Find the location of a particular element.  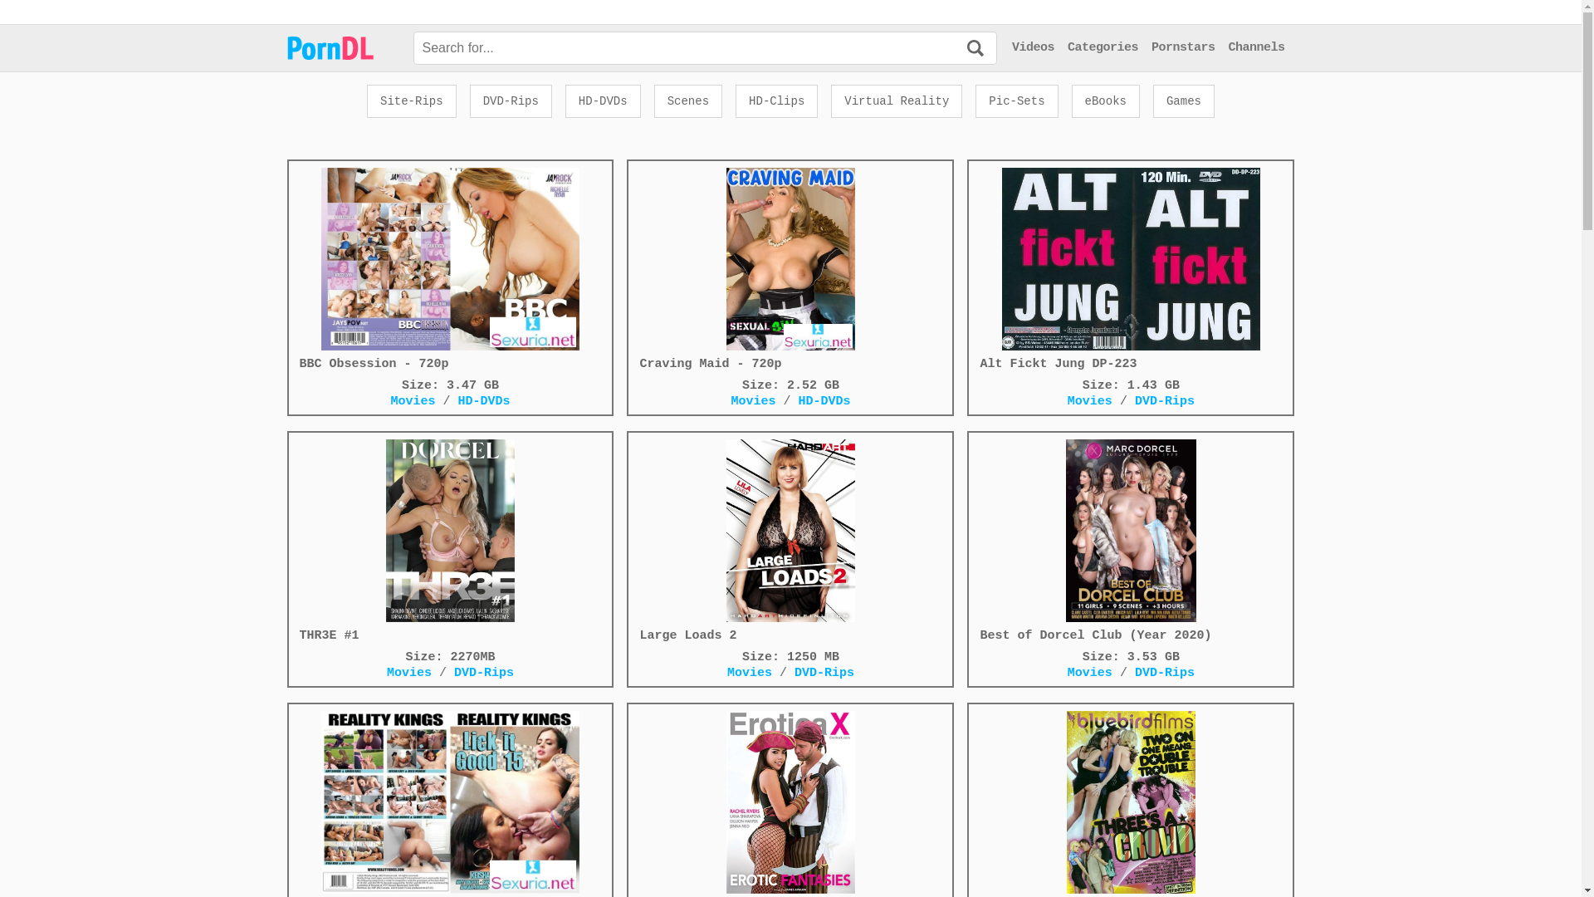

'THR3E #1' is located at coordinates (450, 541).